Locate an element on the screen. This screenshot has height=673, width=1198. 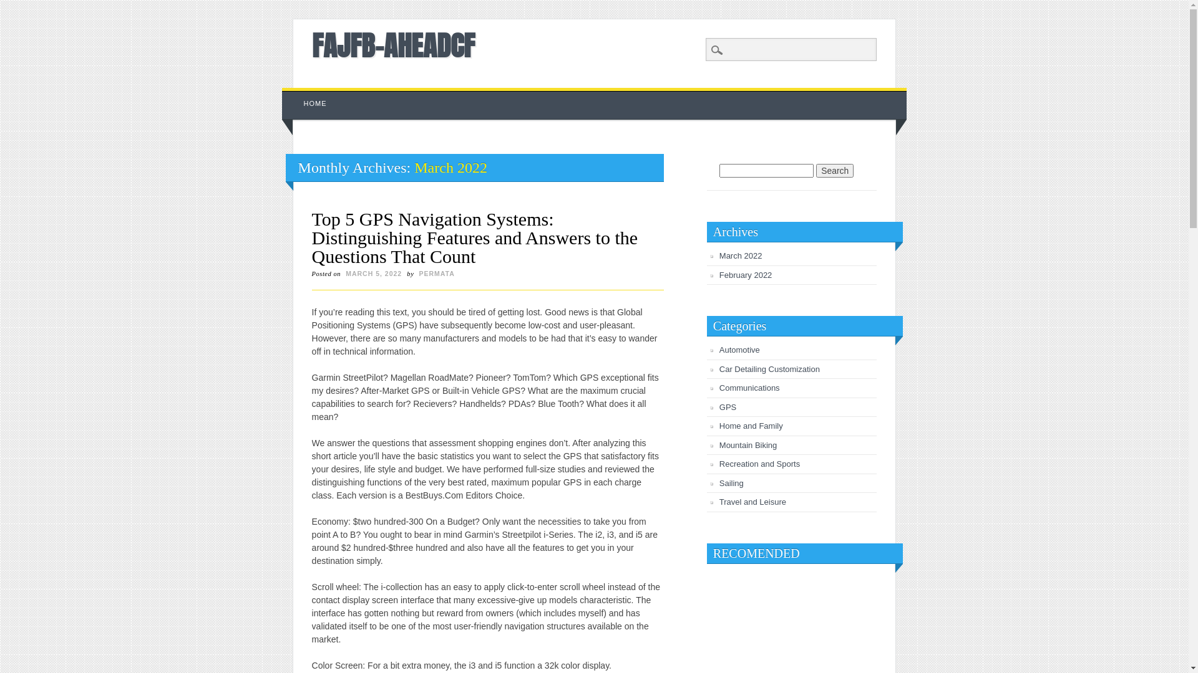
'February 2022' is located at coordinates (746, 274).